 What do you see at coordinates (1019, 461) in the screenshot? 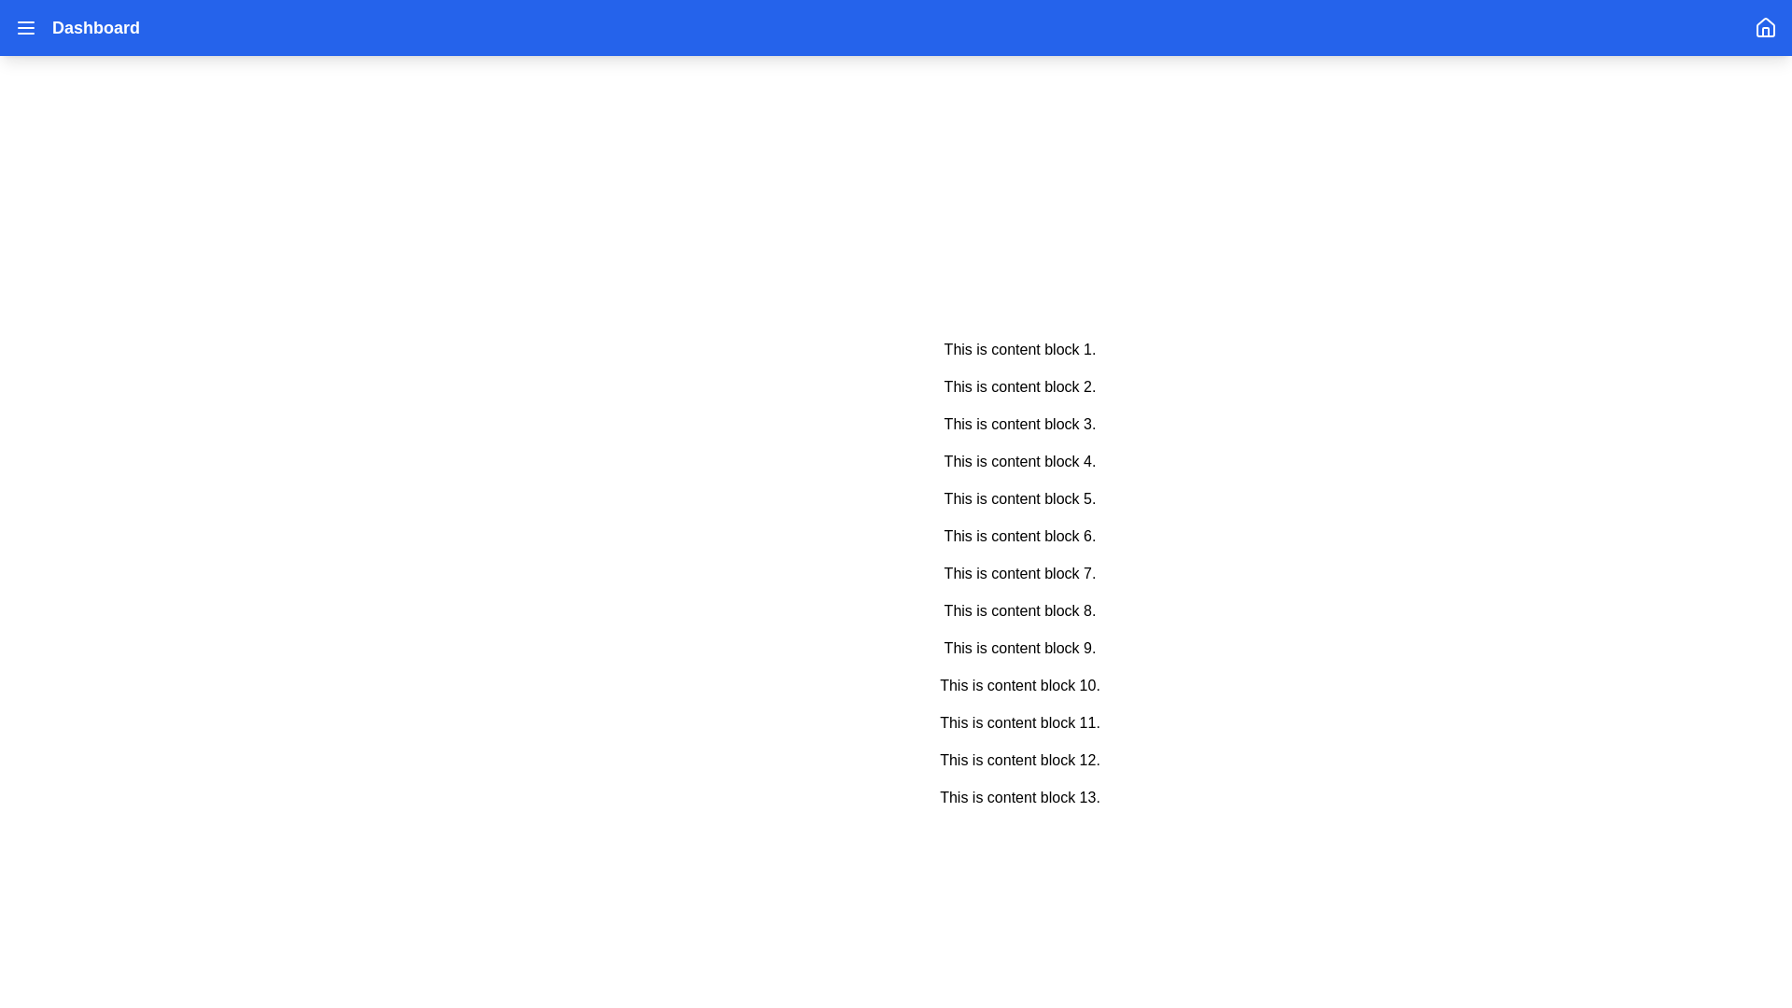
I see `the text block stating 'This is content block 4.', which is the fourth item in a series of vertically spaced content blocks` at bounding box center [1019, 461].